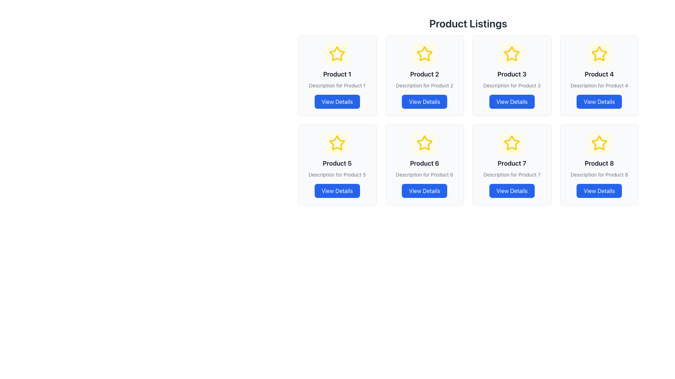  Describe the element at coordinates (337, 142) in the screenshot. I see `the star icon in the 'Product 5' card located in the third row, first column of the grid layout in the 'Product Listings' section` at that location.